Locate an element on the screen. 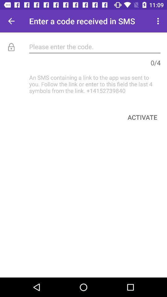 This screenshot has width=167, height=297. the icon next to the enter a code is located at coordinates (159, 21).